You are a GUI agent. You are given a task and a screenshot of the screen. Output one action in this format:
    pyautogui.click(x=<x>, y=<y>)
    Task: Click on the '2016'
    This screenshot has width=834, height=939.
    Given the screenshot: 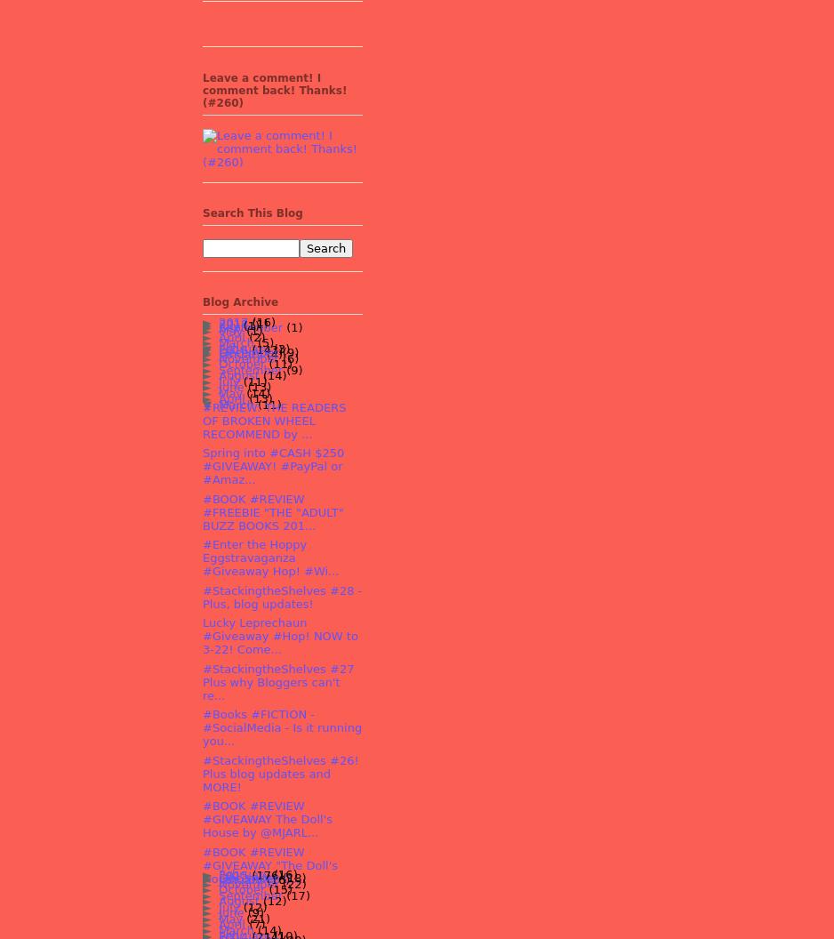 What is the action you would take?
    pyautogui.click(x=218, y=348)
    